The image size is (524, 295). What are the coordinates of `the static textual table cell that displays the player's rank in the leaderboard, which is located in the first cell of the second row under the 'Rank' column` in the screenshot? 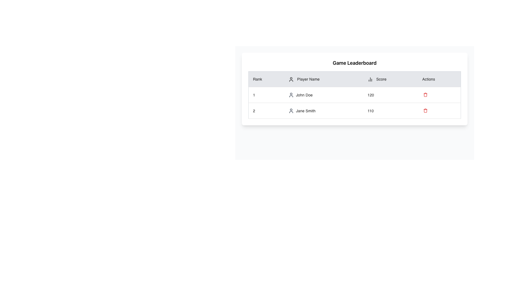 It's located at (266, 111).